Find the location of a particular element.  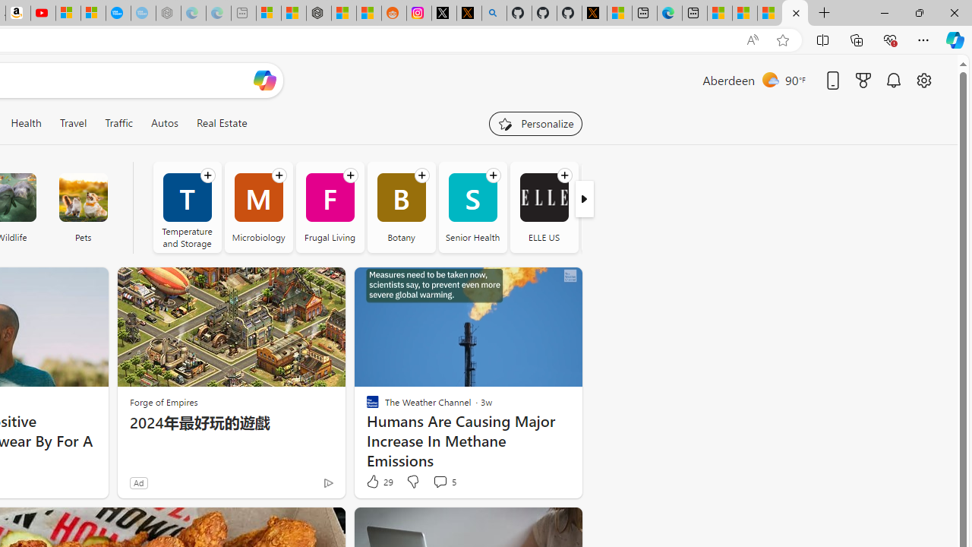

'github - Search' is located at coordinates (494, 13).